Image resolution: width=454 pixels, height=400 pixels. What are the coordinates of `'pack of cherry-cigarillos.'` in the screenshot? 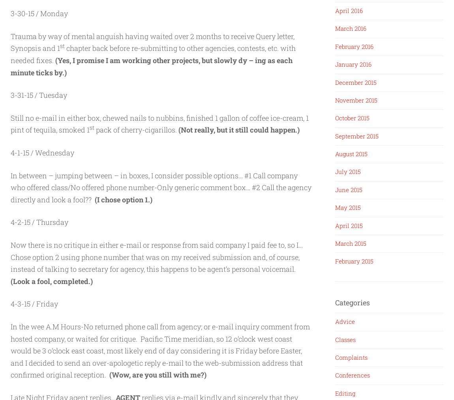 It's located at (136, 130).